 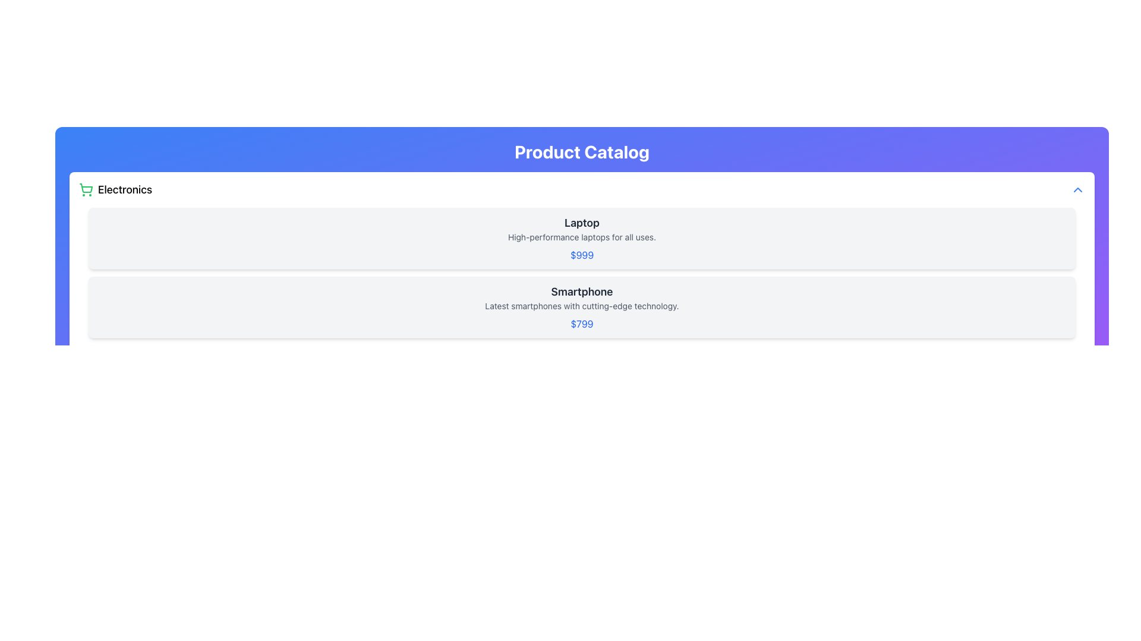 What do you see at coordinates (582, 237) in the screenshot?
I see `the second piece of text in the product description, located under 'Laptop' and above the price '$999'` at bounding box center [582, 237].